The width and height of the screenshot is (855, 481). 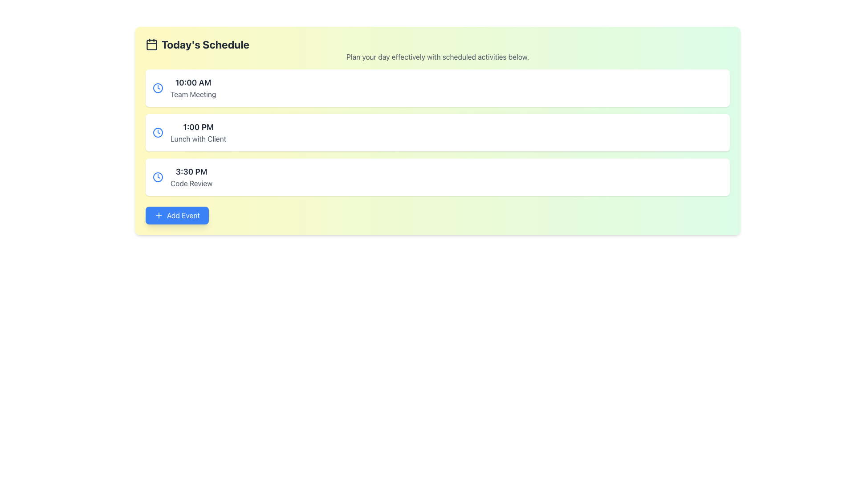 What do you see at coordinates (159, 215) in the screenshot?
I see `the 'Add Event' button located at the bottom-left of the central panel, which features an icon indicating the action of adding or creating an event` at bounding box center [159, 215].